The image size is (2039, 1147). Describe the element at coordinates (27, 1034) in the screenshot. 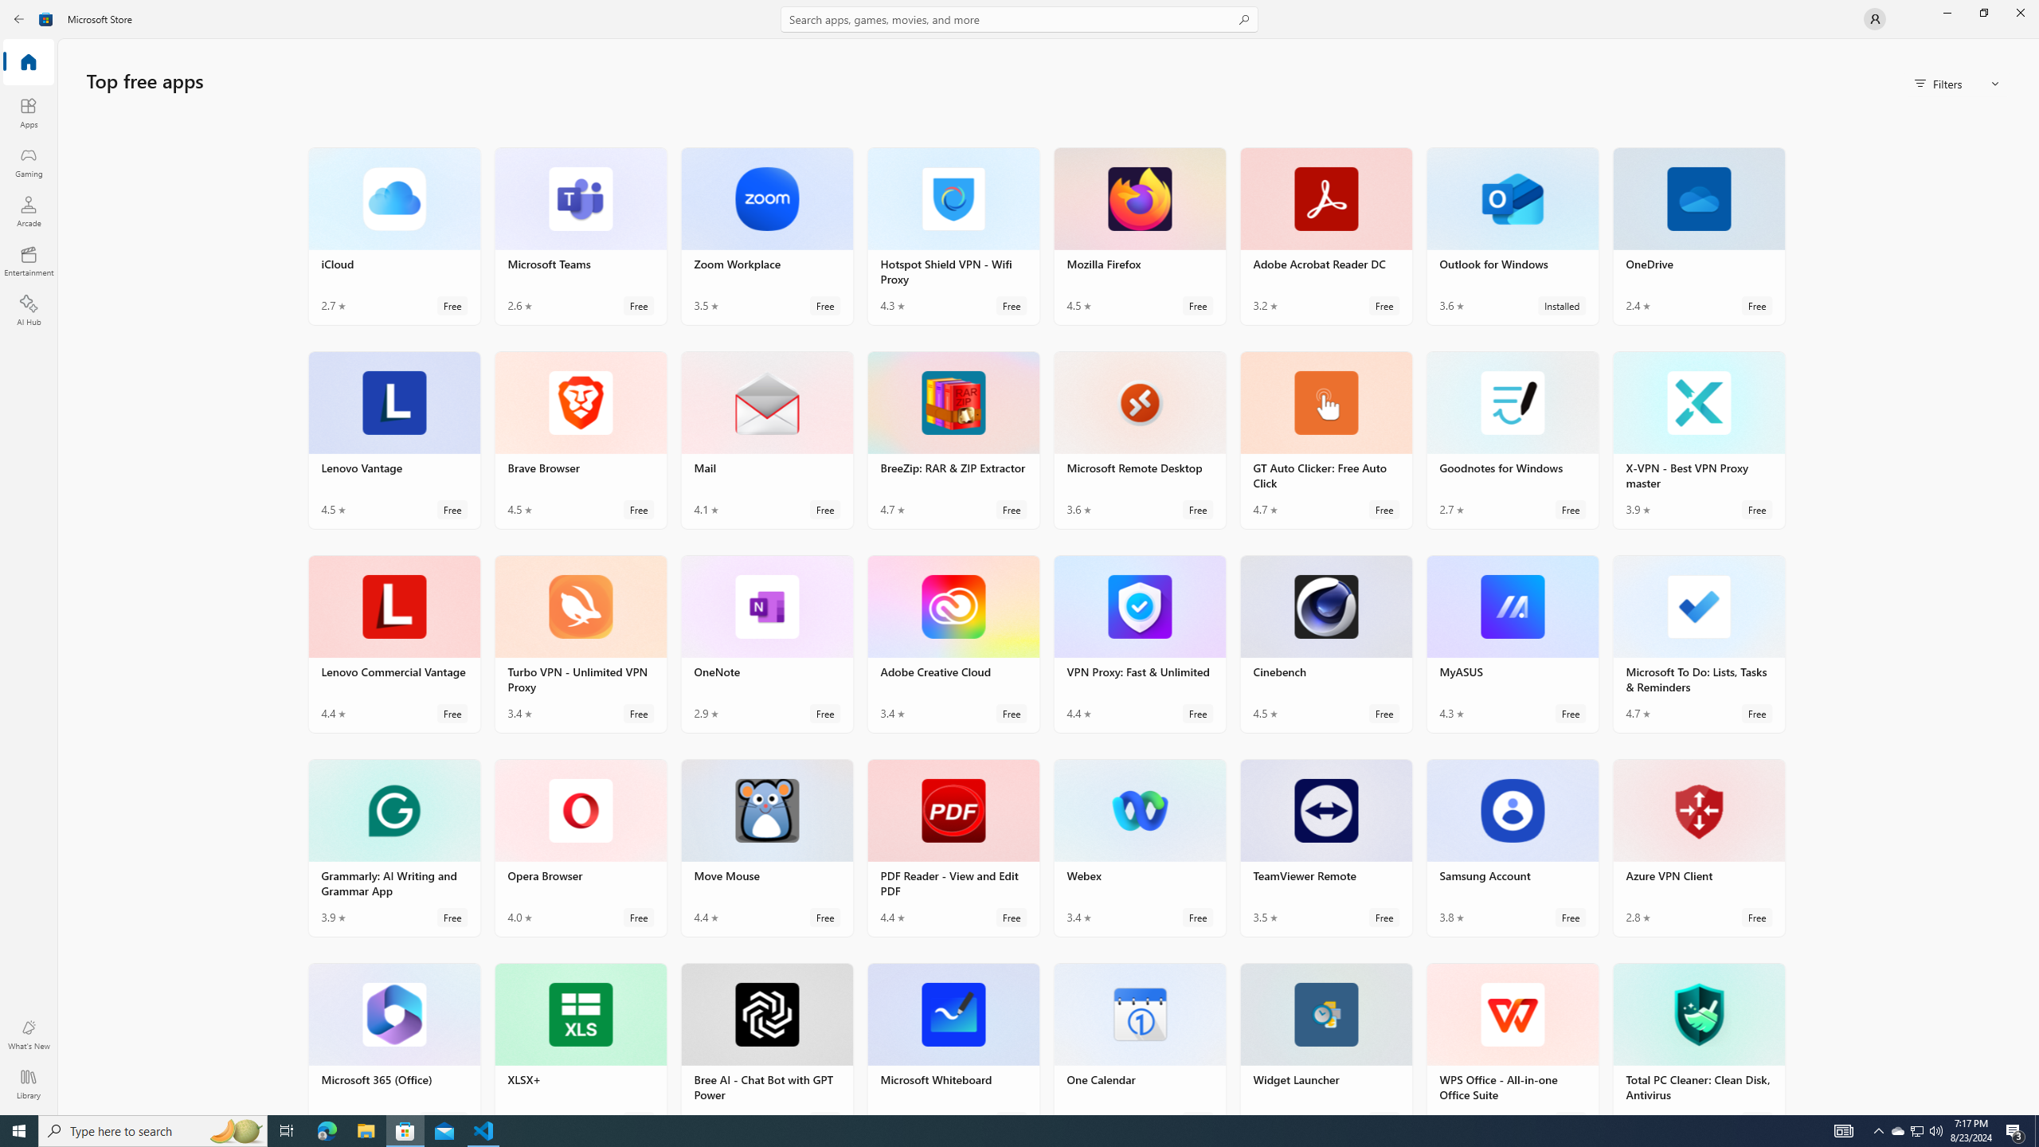

I see `'What'` at that location.